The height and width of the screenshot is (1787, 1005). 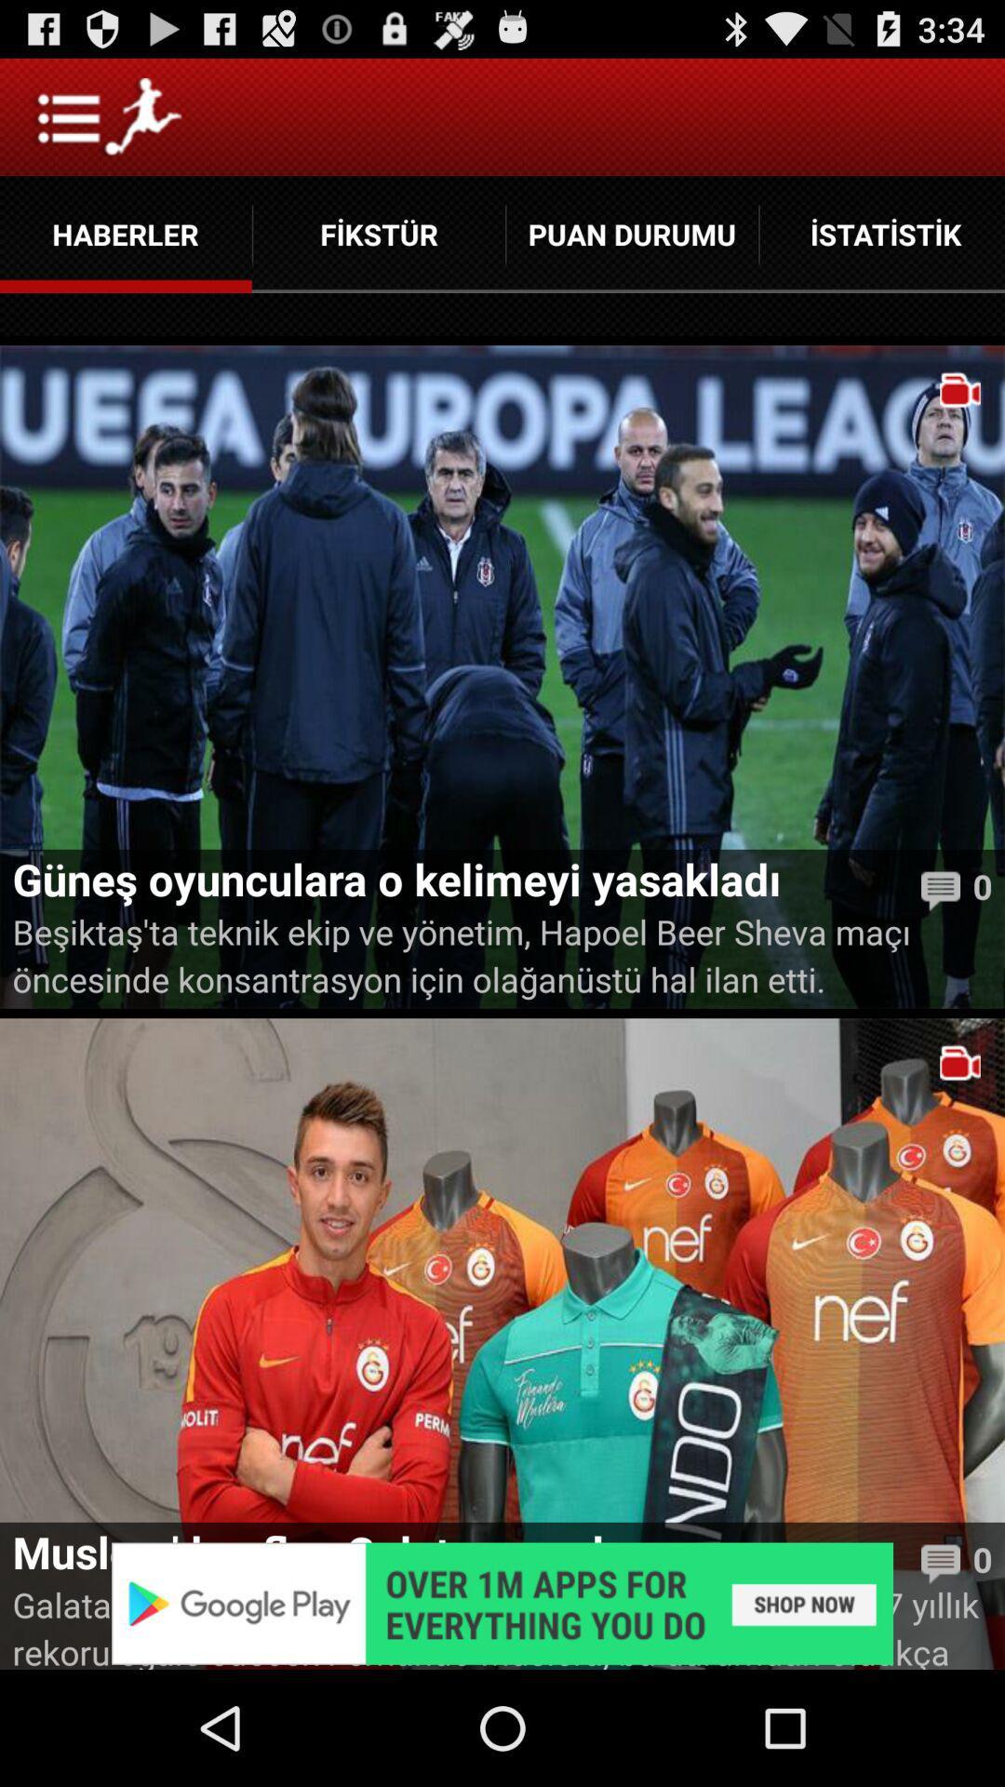 What do you see at coordinates (881, 234) in the screenshot?
I see `the button which is next to puan durumu` at bounding box center [881, 234].